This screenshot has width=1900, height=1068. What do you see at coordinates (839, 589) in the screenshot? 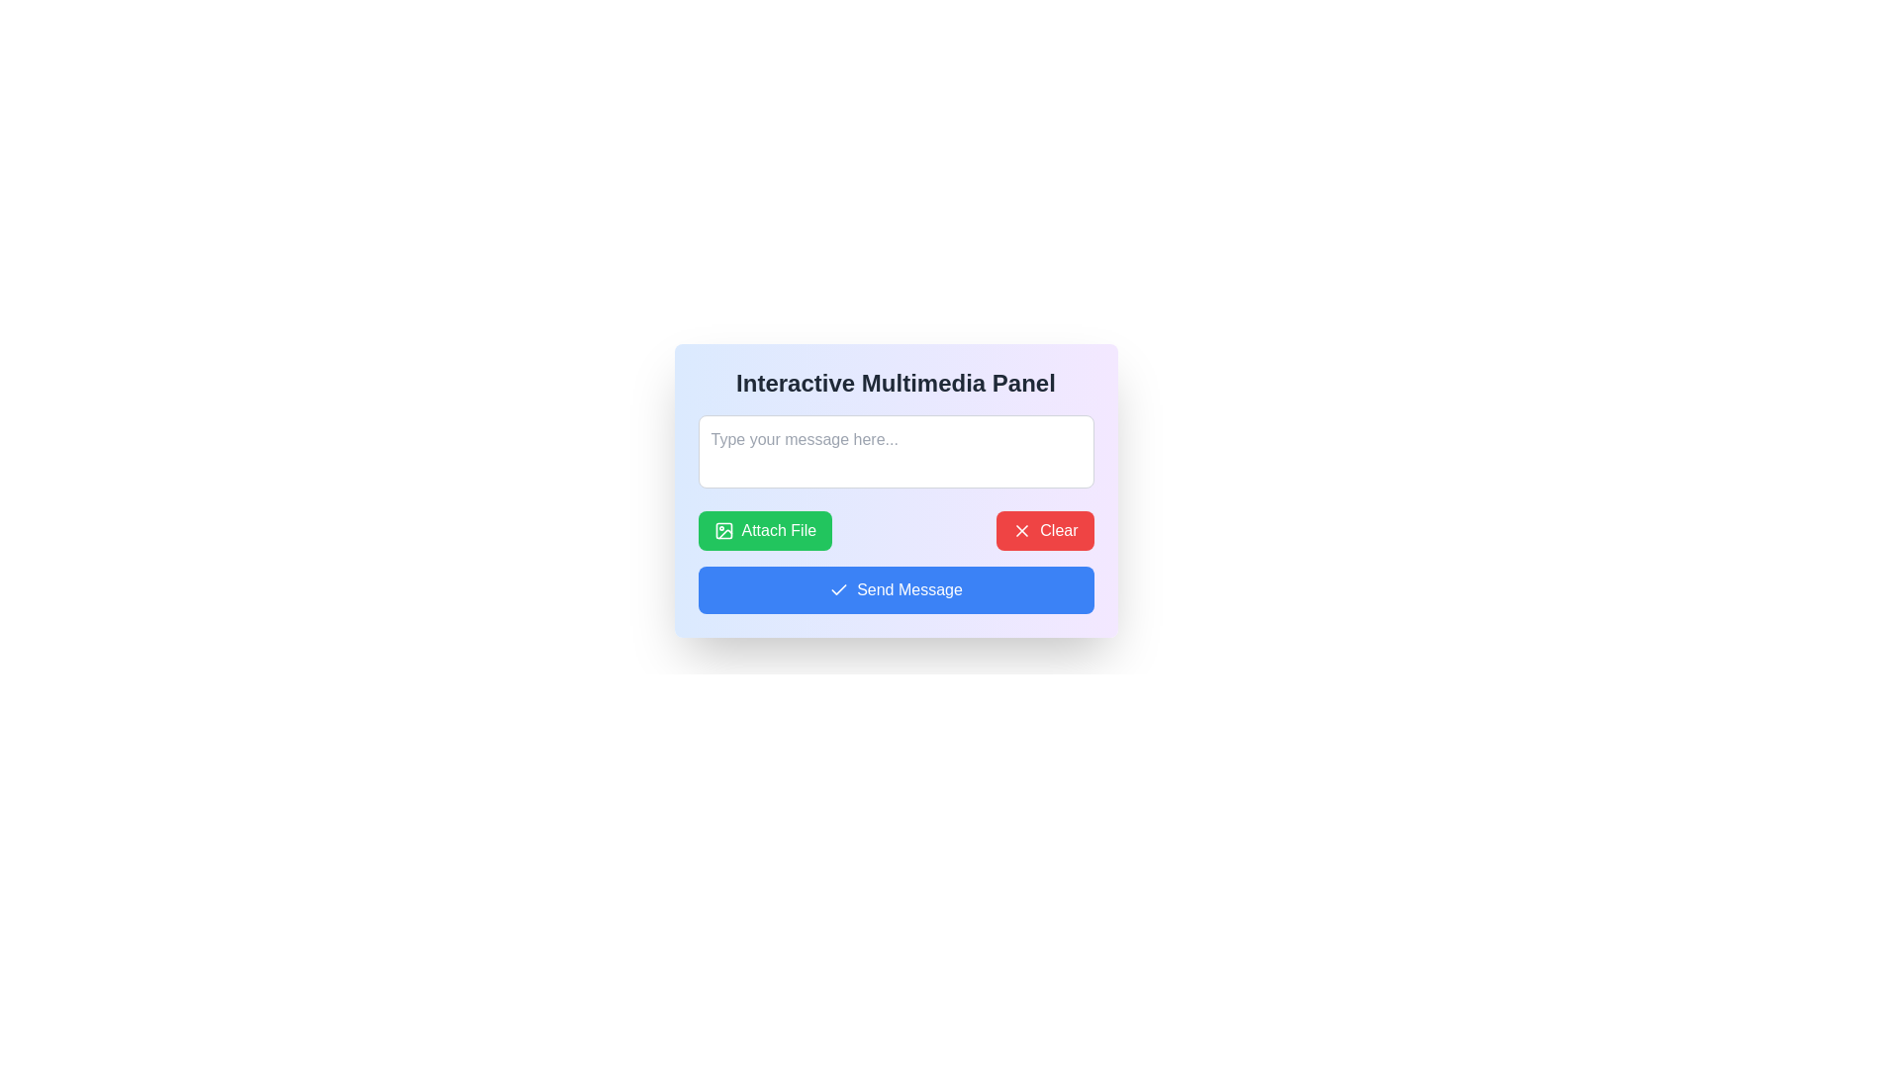
I see `the 'Send Message' button that contains the checkmark icon to send the message` at bounding box center [839, 589].